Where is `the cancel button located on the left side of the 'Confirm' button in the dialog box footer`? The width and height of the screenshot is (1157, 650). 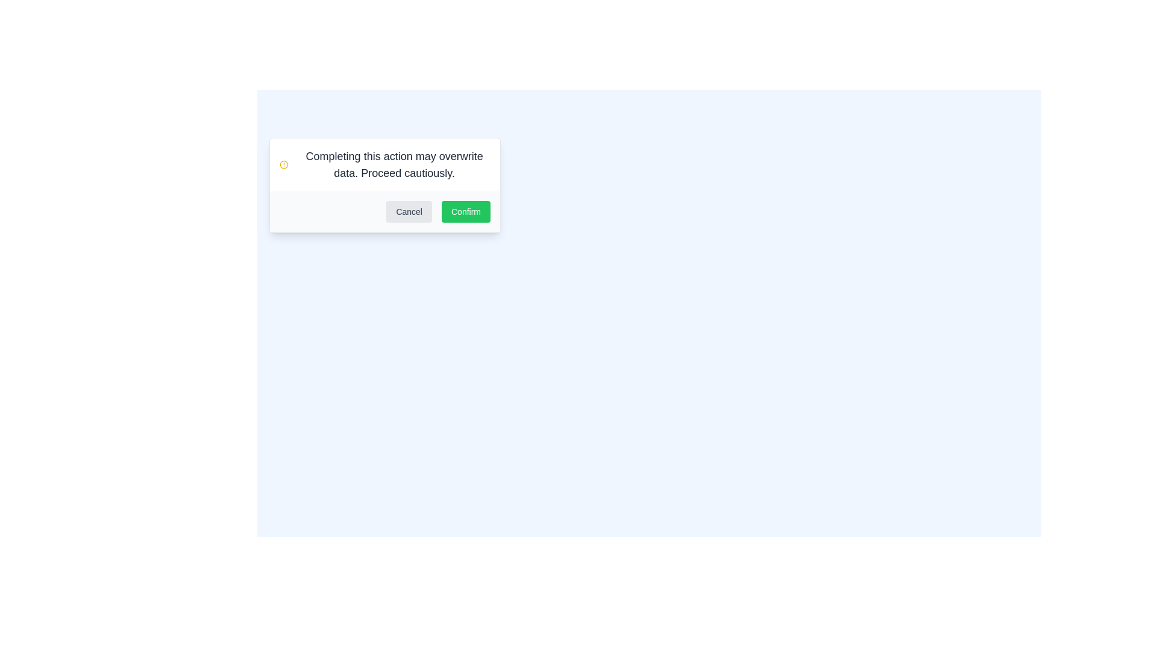
the cancel button located on the left side of the 'Confirm' button in the dialog box footer is located at coordinates (409, 211).